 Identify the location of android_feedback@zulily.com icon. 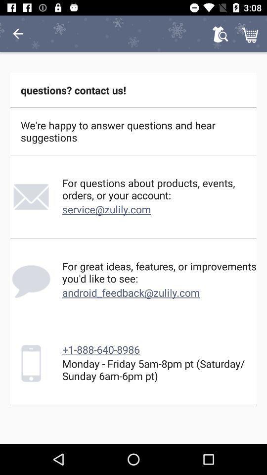
(131, 292).